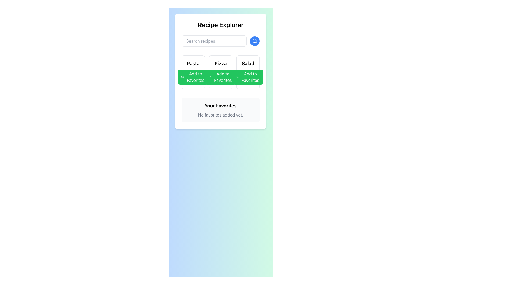  What do you see at coordinates (248, 72) in the screenshot?
I see `the third button beneath the title 'Salad'` at bounding box center [248, 72].